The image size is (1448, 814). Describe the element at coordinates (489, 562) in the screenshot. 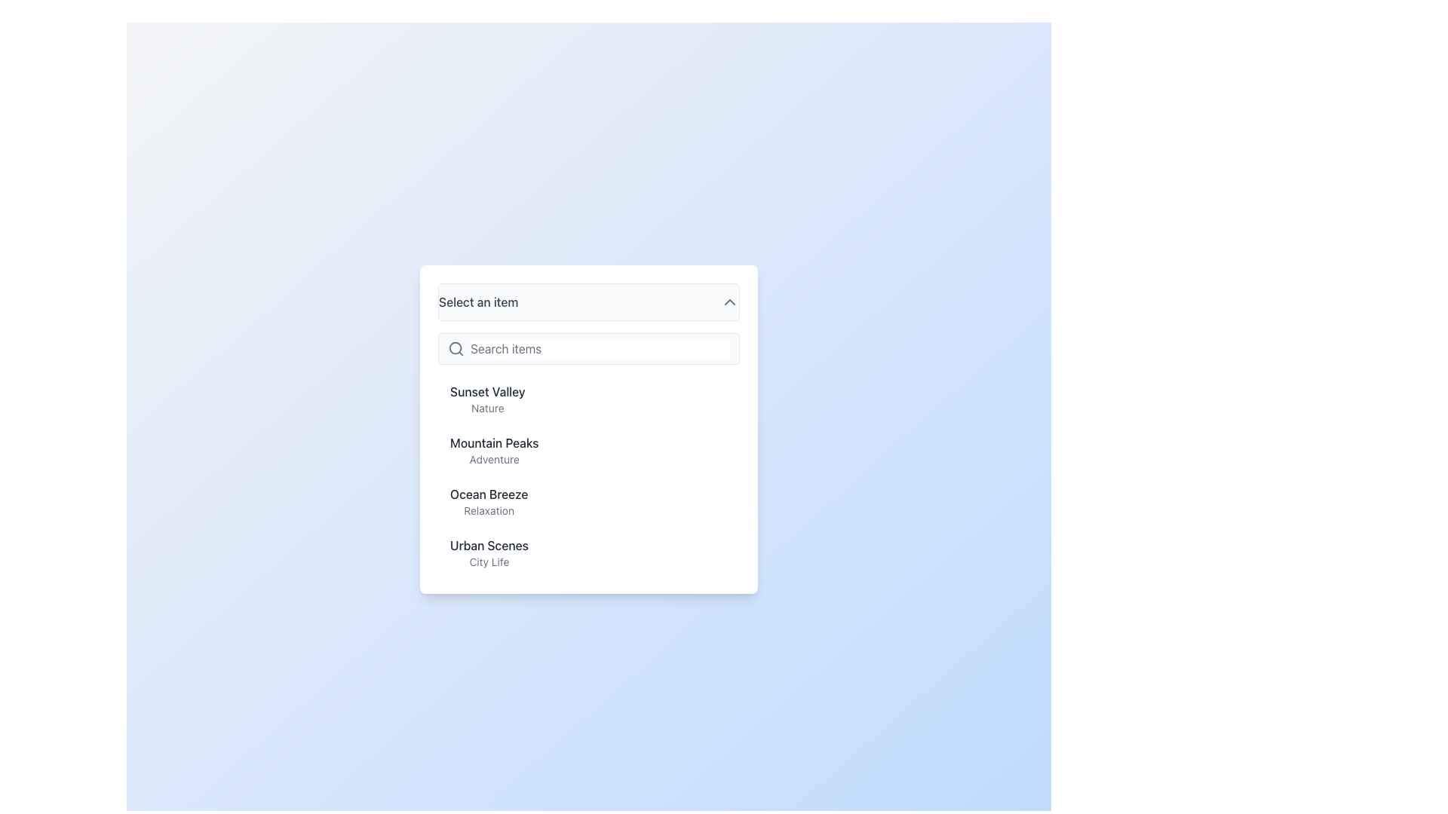

I see `the Text Label that displays 'City Life', which is positioned below the title 'Urban Scenes' in the dropdown list interface` at that location.